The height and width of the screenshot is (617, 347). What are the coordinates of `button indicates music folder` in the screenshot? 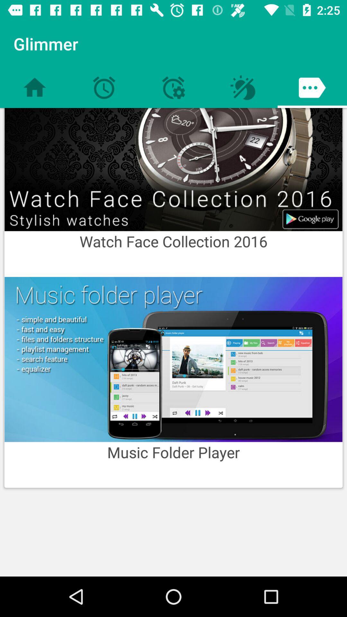 It's located at (173, 359).